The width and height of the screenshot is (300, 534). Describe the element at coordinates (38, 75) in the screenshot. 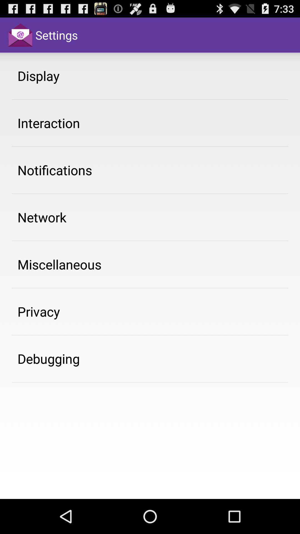

I see `display icon` at that location.